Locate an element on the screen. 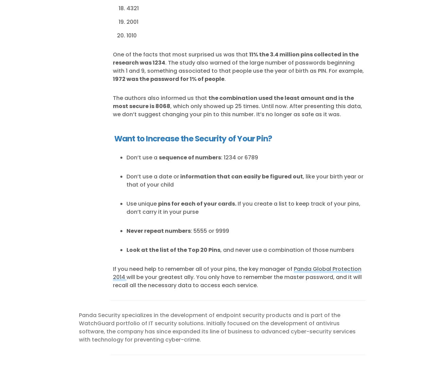  'Use unique' is located at coordinates (142, 203).